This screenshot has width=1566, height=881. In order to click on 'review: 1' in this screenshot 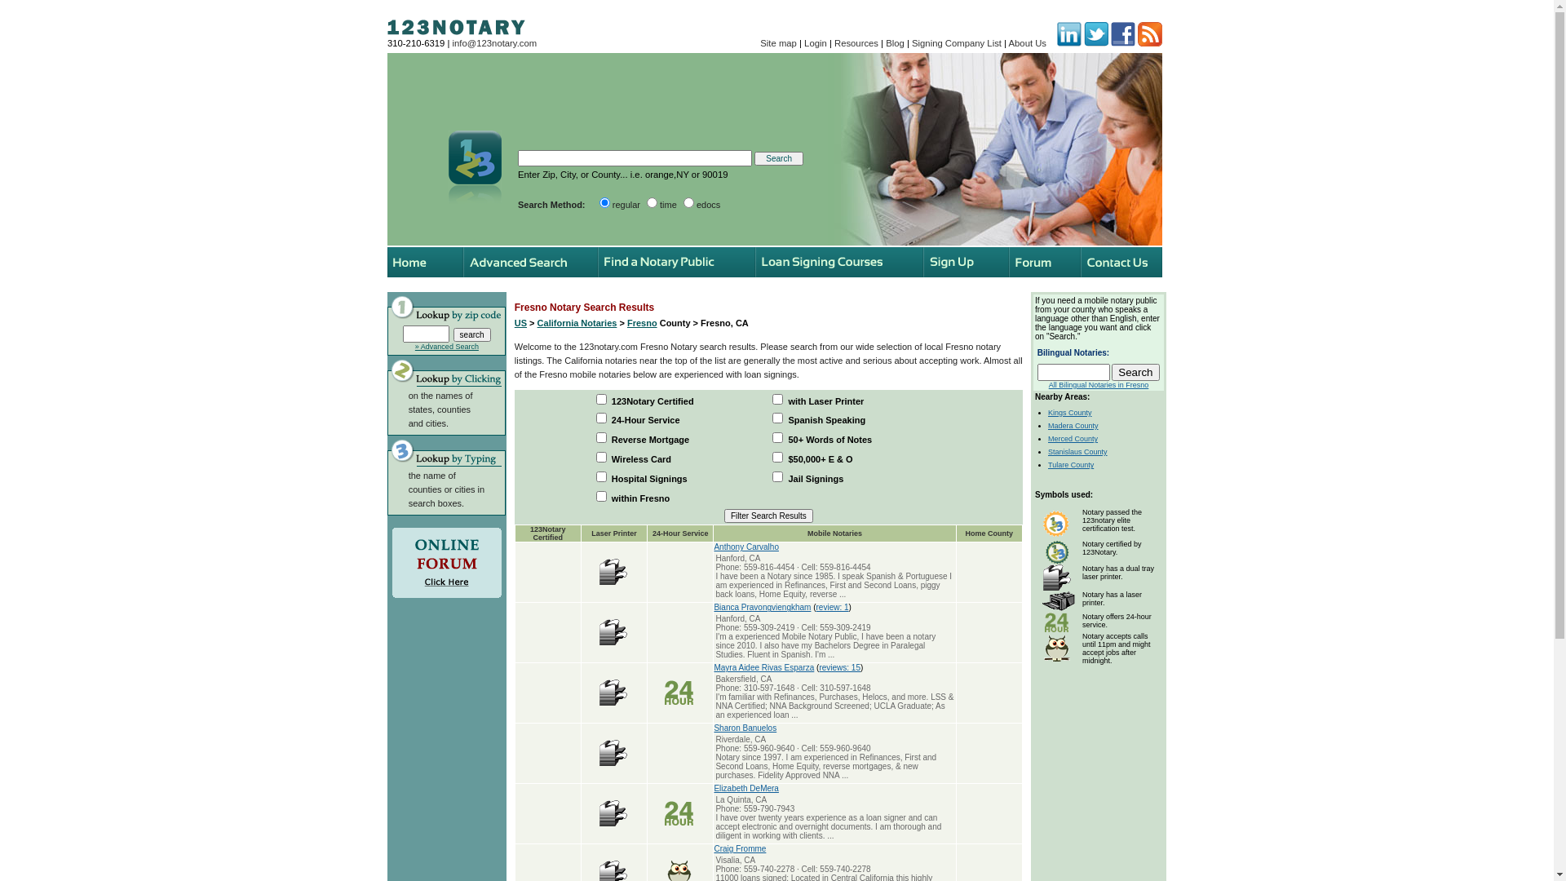, I will do `click(833, 607)`.